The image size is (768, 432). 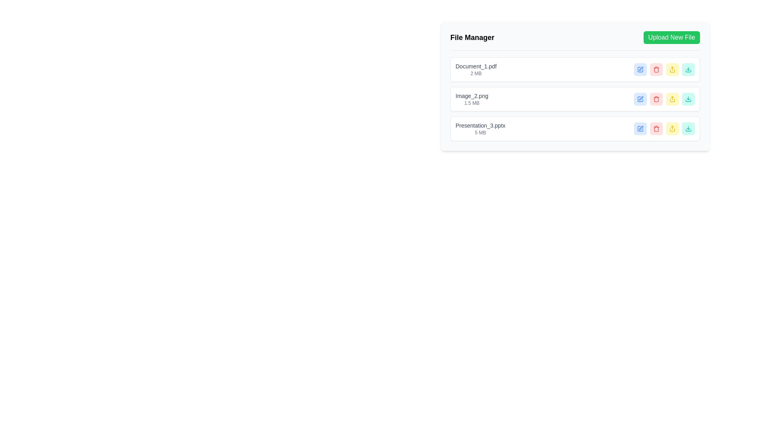 What do you see at coordinates (575, 98) in the screenshot?
I see `the download button in the file management row for 'Image_2.png', located second in the list within the 'File Manager' interface` at bounding box center [575, 98].